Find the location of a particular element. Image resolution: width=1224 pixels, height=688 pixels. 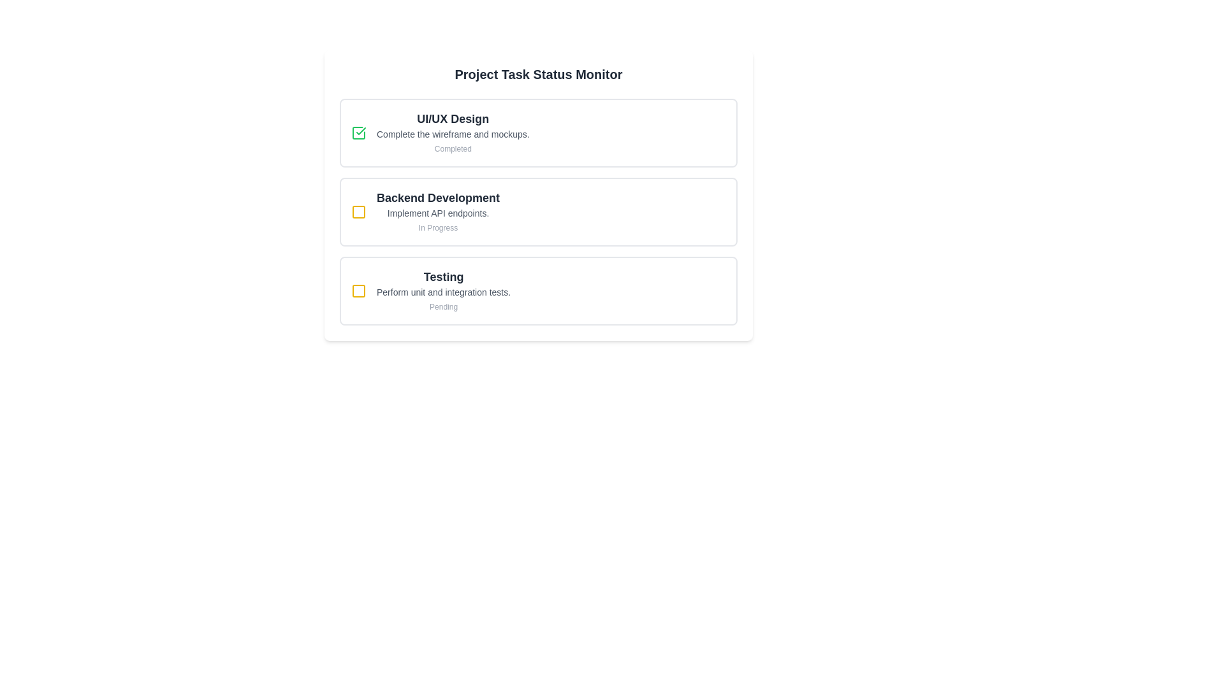

the 'Backend Development' information panel to get more details is located at coordinates (538, 196).